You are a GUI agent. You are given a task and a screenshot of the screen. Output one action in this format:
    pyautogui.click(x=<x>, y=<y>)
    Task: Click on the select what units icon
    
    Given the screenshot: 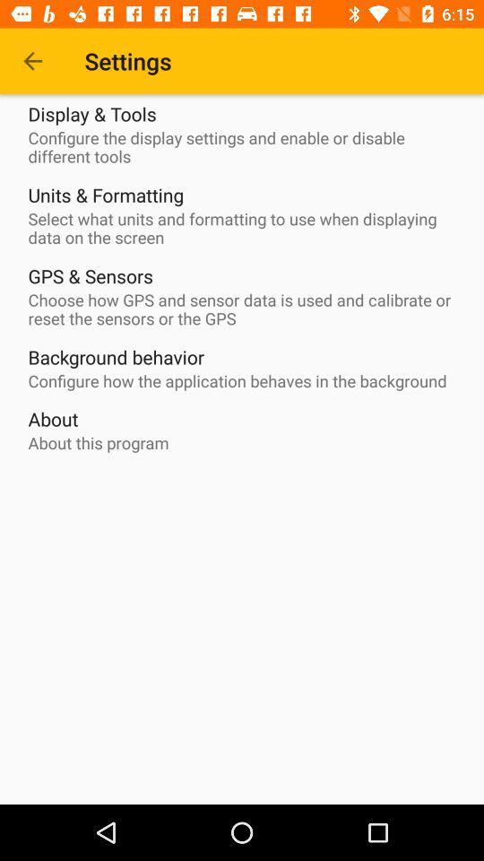 What is the action you would take?
    pyautogui.click(x=246, y=227)
    